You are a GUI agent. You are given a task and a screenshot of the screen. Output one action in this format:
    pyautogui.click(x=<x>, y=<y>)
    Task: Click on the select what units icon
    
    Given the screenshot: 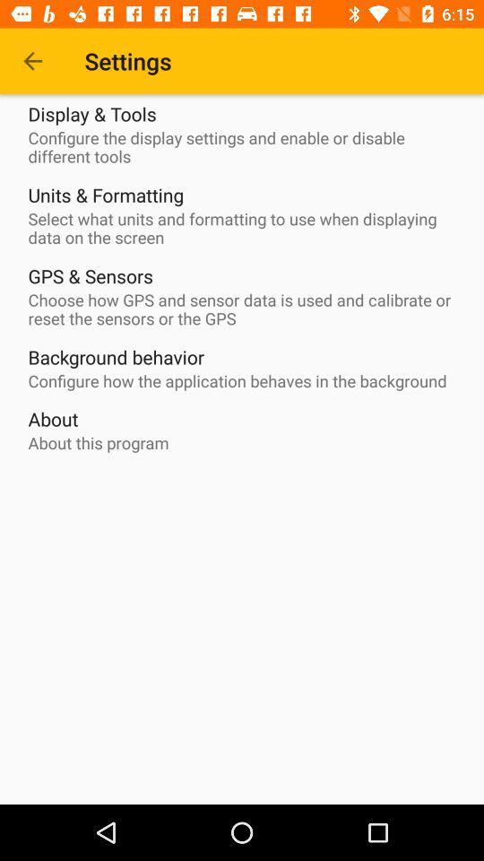 What is the action you would take?
    pyautogui.click(x=246, y=227)
    